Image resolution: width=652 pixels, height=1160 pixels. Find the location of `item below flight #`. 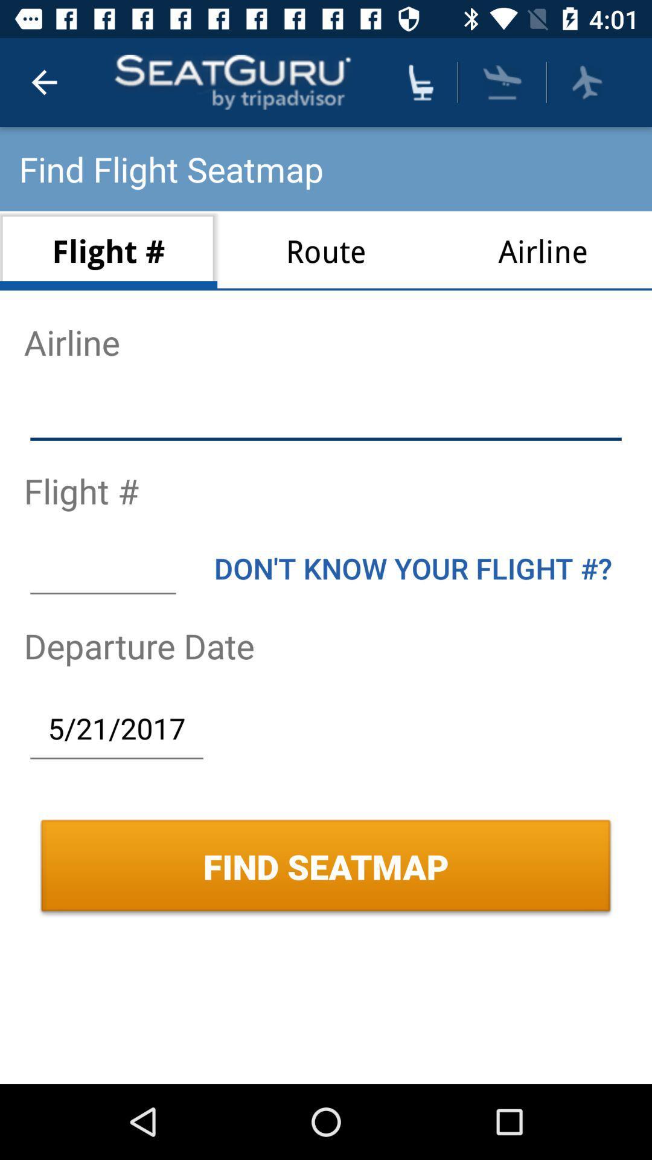

item below flight # is located at coordinates (102, 567).